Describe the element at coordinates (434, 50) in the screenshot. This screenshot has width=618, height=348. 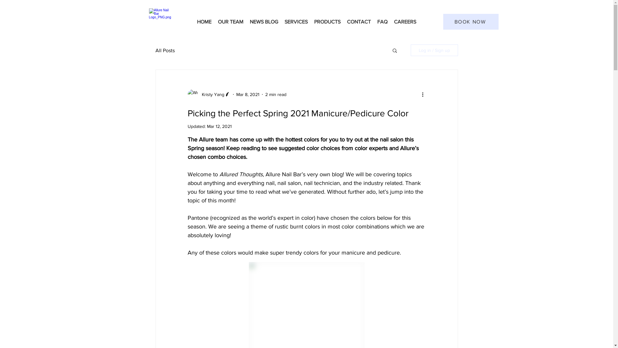
I see `'Log in / Sign up'` at that location.